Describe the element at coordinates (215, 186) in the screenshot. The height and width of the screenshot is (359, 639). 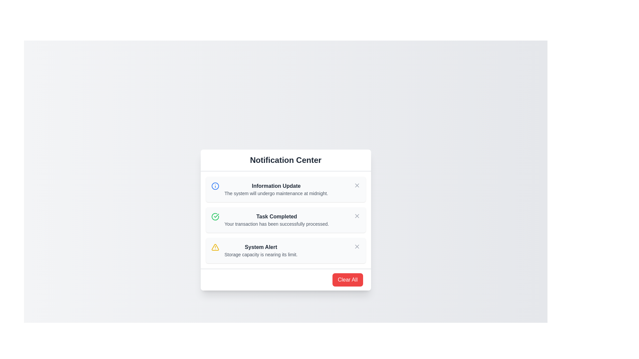
I see `SVG Circle element representing the 'Information Update' notification type located at the top-left corner of the first notification item in the Notification Center panel` at that location.